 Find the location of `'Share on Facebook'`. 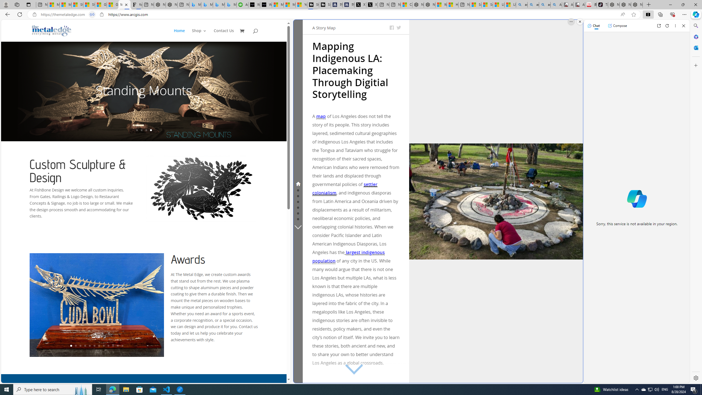

'Share on Facebook' is located at coordinates (391, 27).